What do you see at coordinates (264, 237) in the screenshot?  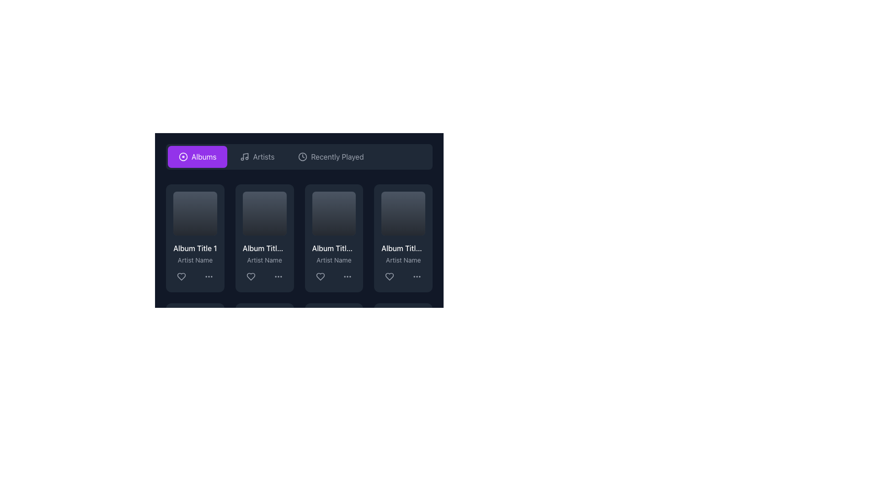 I see `the second album card in the grid` at bounding box center [264, 237].